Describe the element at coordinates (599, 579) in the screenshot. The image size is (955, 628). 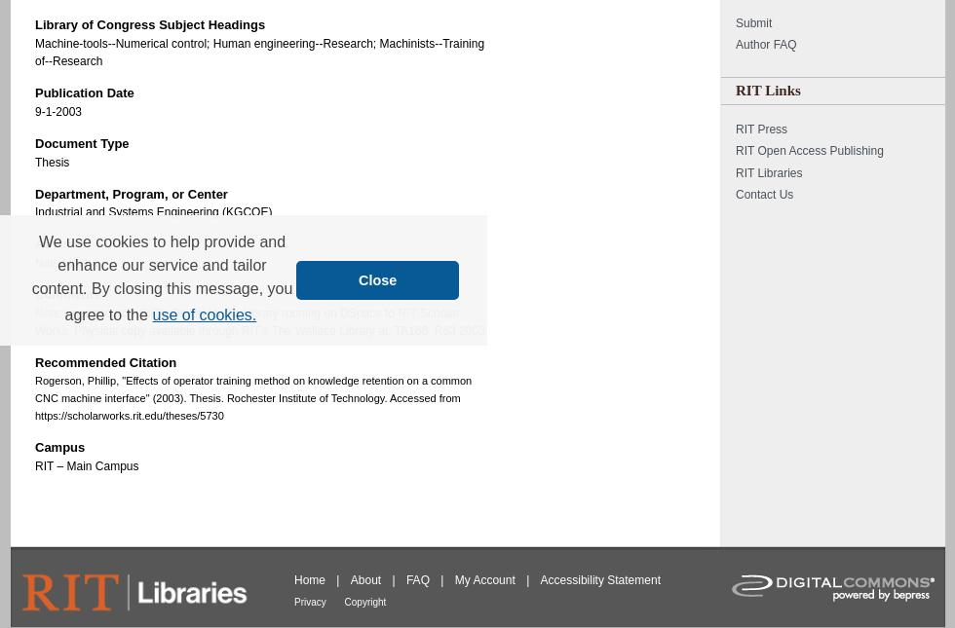
I see `'Accessibility Statement'` at that location.